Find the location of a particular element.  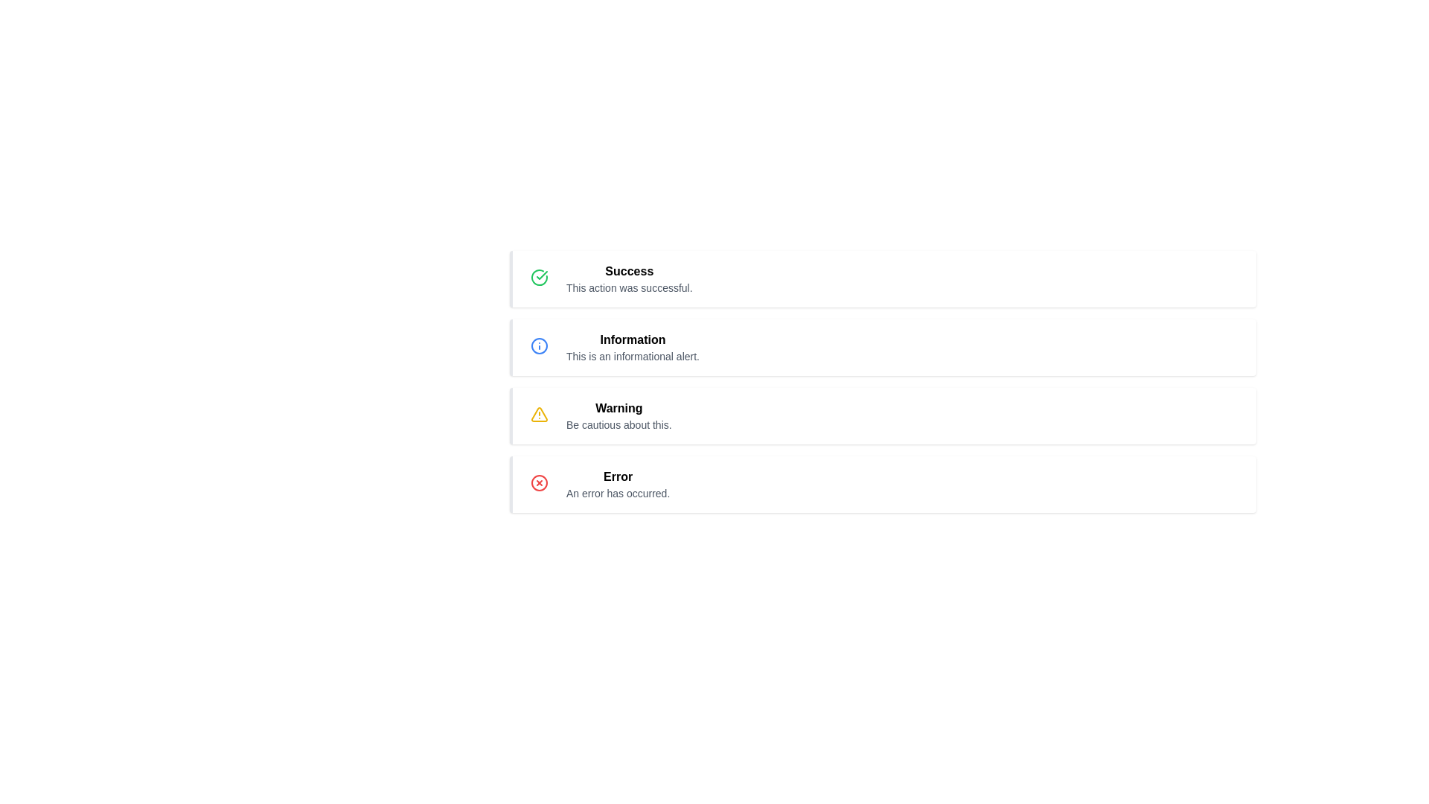

the success icon located at the left side of the 'Success' alert notification box, adjacent to the text 'Success' and 'This action was successful.' is located at coordinates (538, 278).